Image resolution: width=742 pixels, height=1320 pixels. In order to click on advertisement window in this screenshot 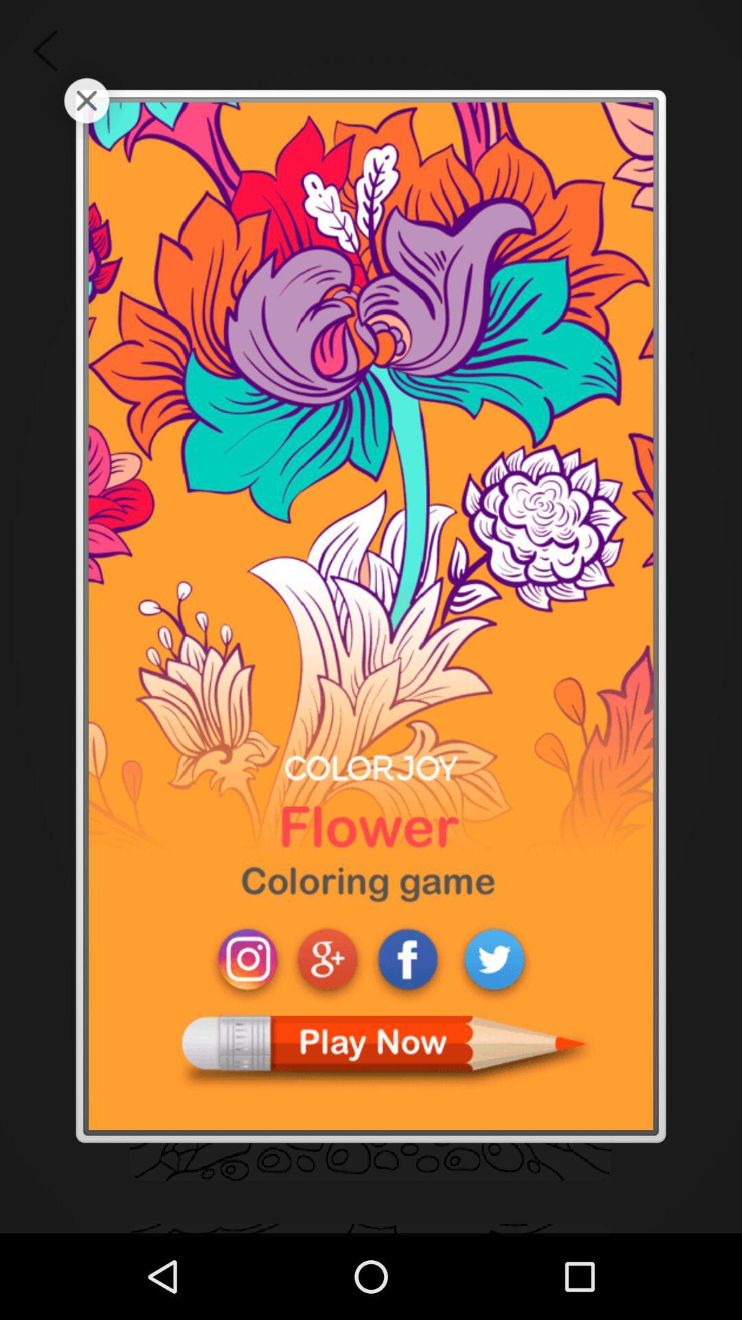, I will do `click(87, 100)`.